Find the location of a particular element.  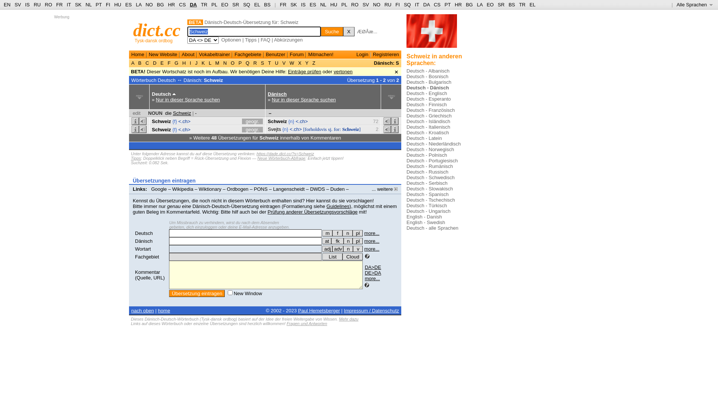

'for:' is located at coordinates (337, 129).